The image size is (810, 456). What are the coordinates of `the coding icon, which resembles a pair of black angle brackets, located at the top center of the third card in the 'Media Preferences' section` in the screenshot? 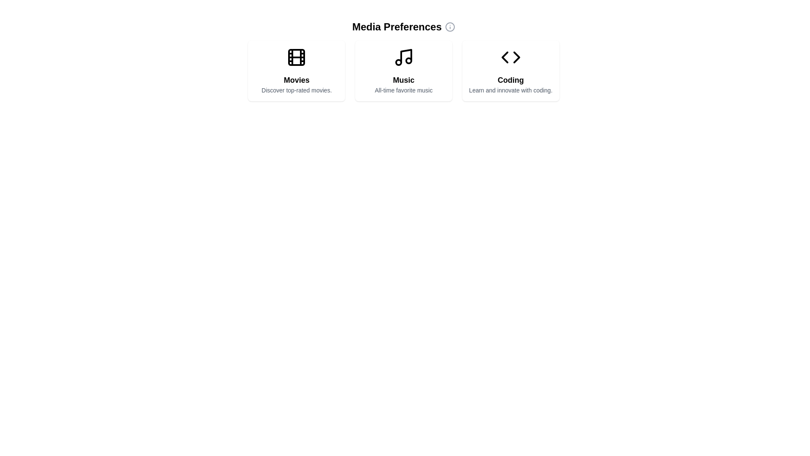 It's located at (510, 57).